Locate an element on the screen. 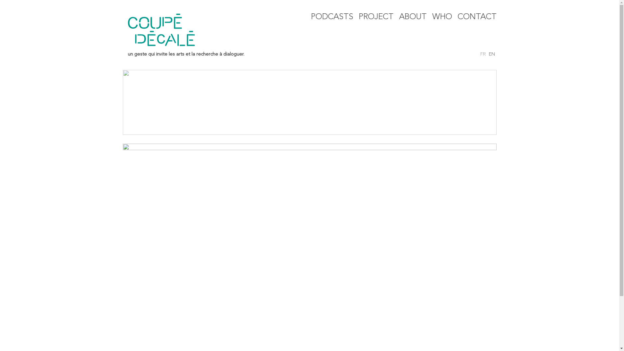 The image size is (624, 351). 'ABOUT' is located at coordinates (412, 17).